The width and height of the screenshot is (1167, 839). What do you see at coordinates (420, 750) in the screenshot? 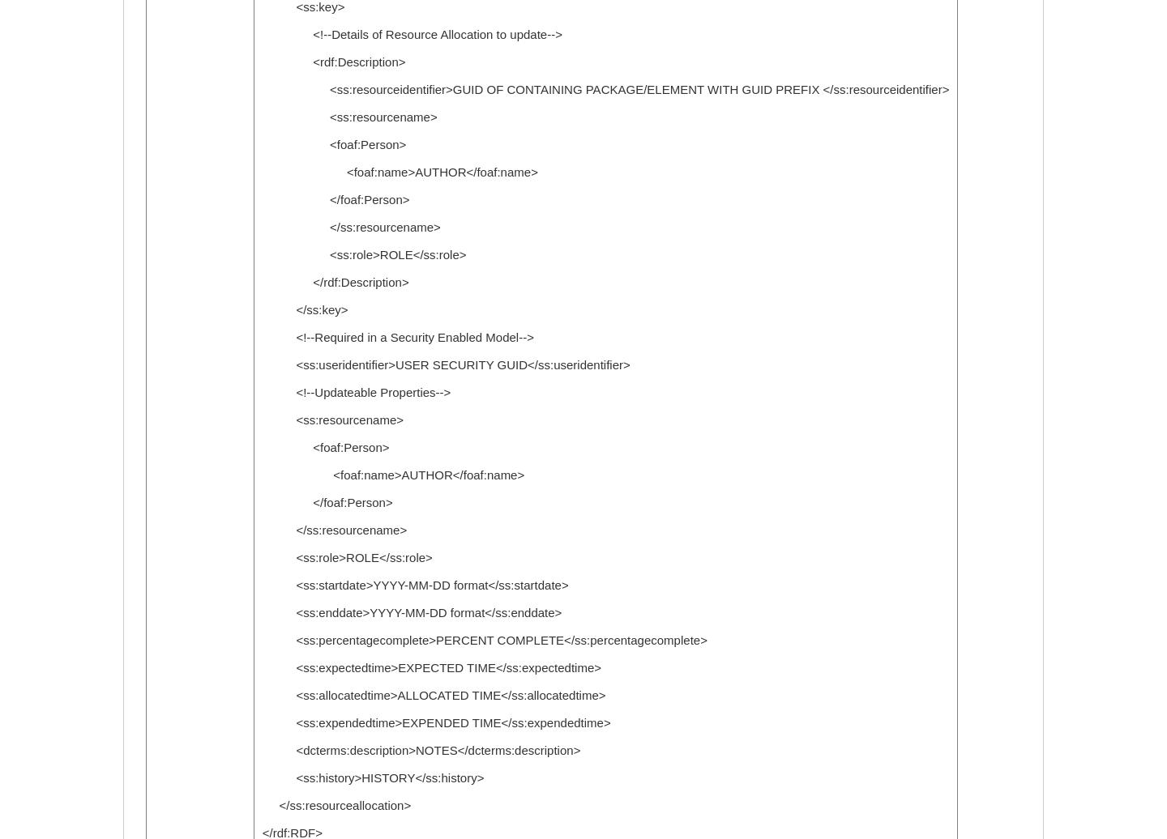
I see `'<dcterms:description>NOTES</dcterms:description>'` at bounding box center [420, 750].